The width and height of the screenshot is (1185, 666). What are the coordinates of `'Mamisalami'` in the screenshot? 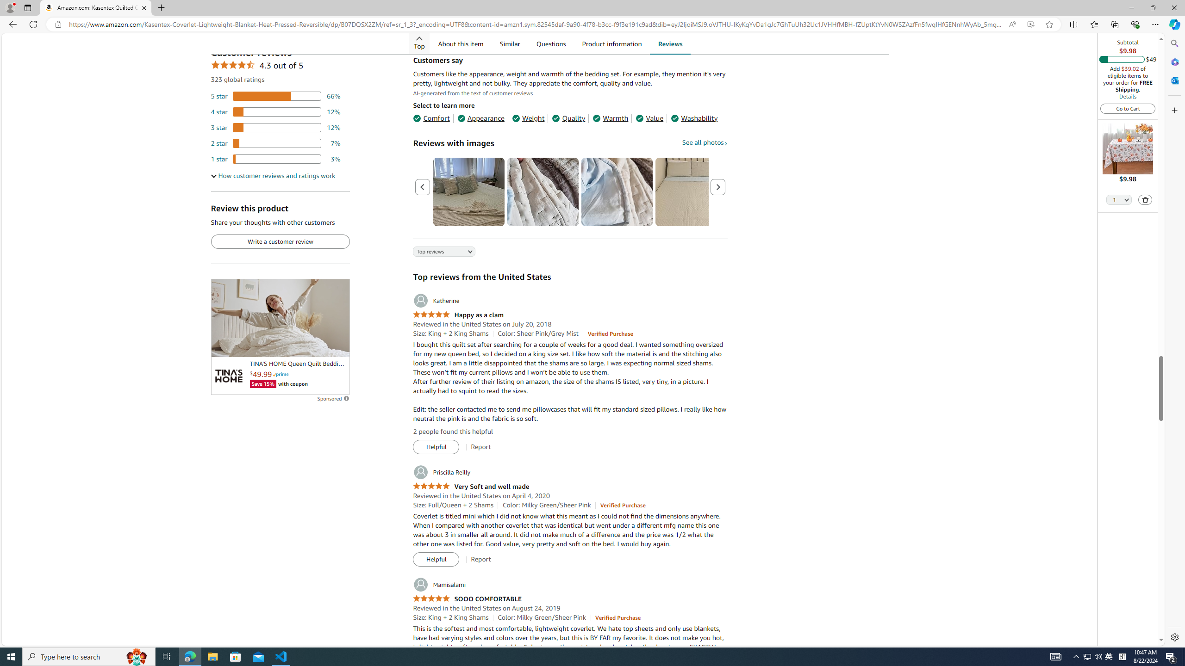 It's located at (438, 584).